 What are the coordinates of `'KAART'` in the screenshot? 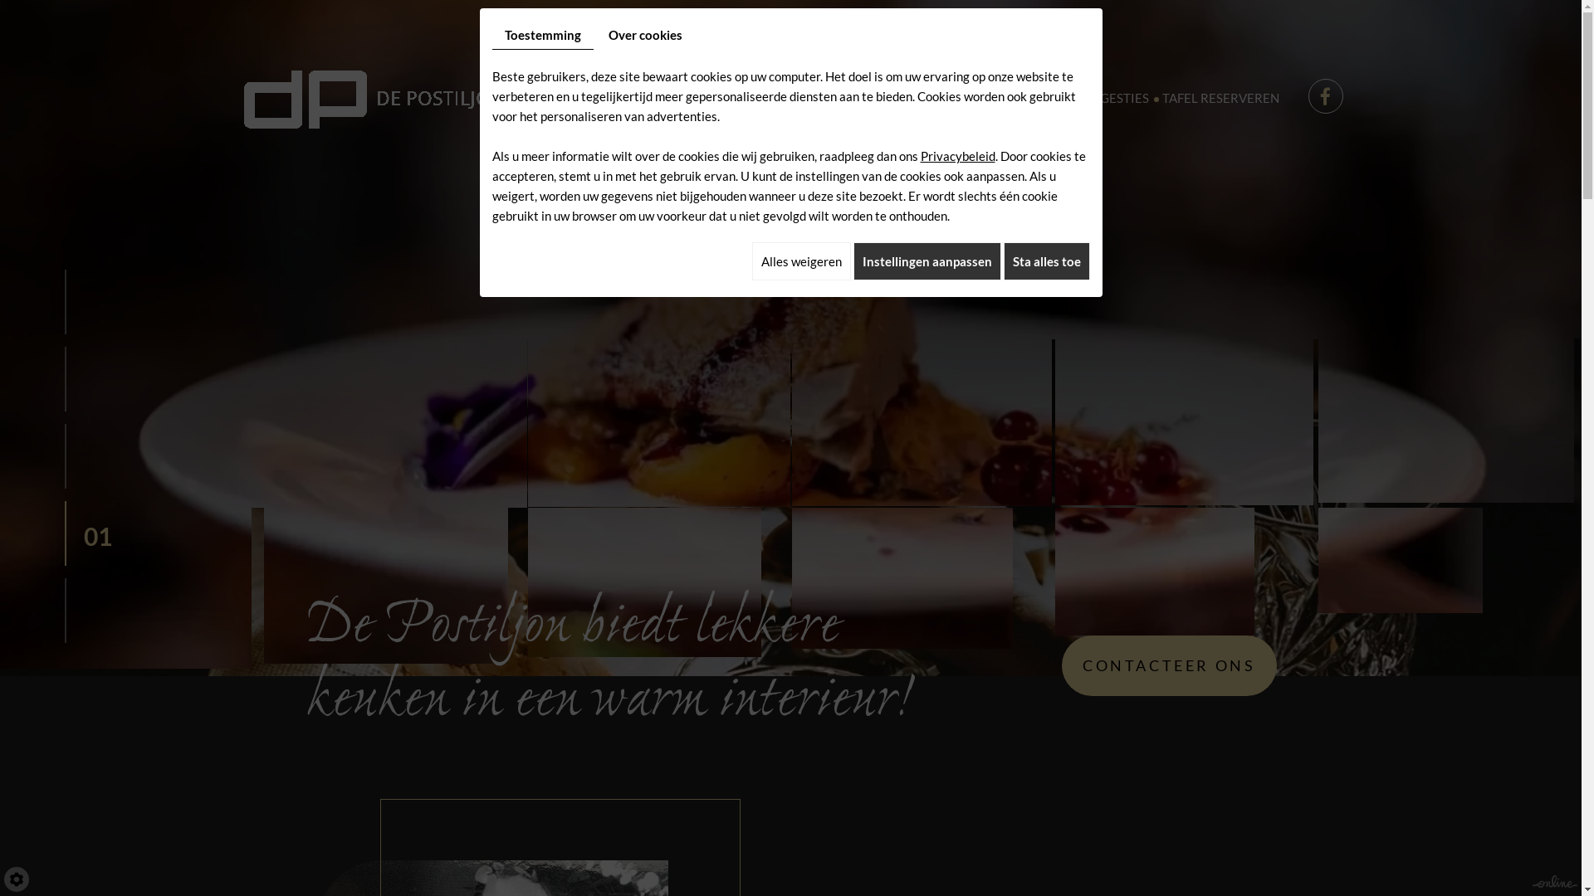 It's located at (807, 98).